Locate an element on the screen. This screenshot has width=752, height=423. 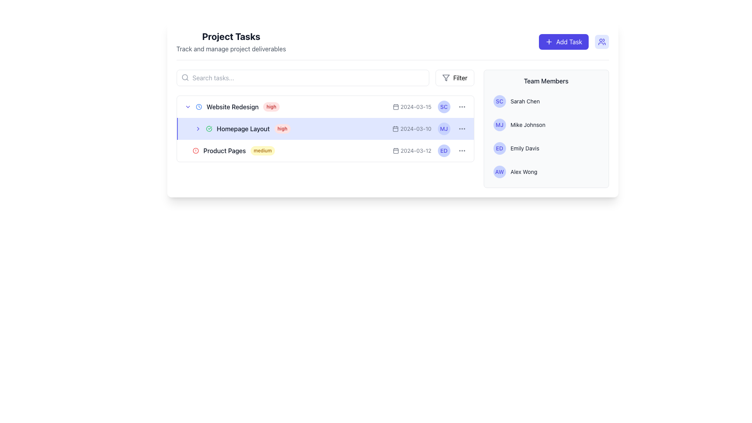
the text label 'AW' styled in a medium, small-sized font with an indigo-blue color, which is centered within a circular badge in the bottom-right section of the user interface's 'Team Members' panel is located at coordinates (499, 172).